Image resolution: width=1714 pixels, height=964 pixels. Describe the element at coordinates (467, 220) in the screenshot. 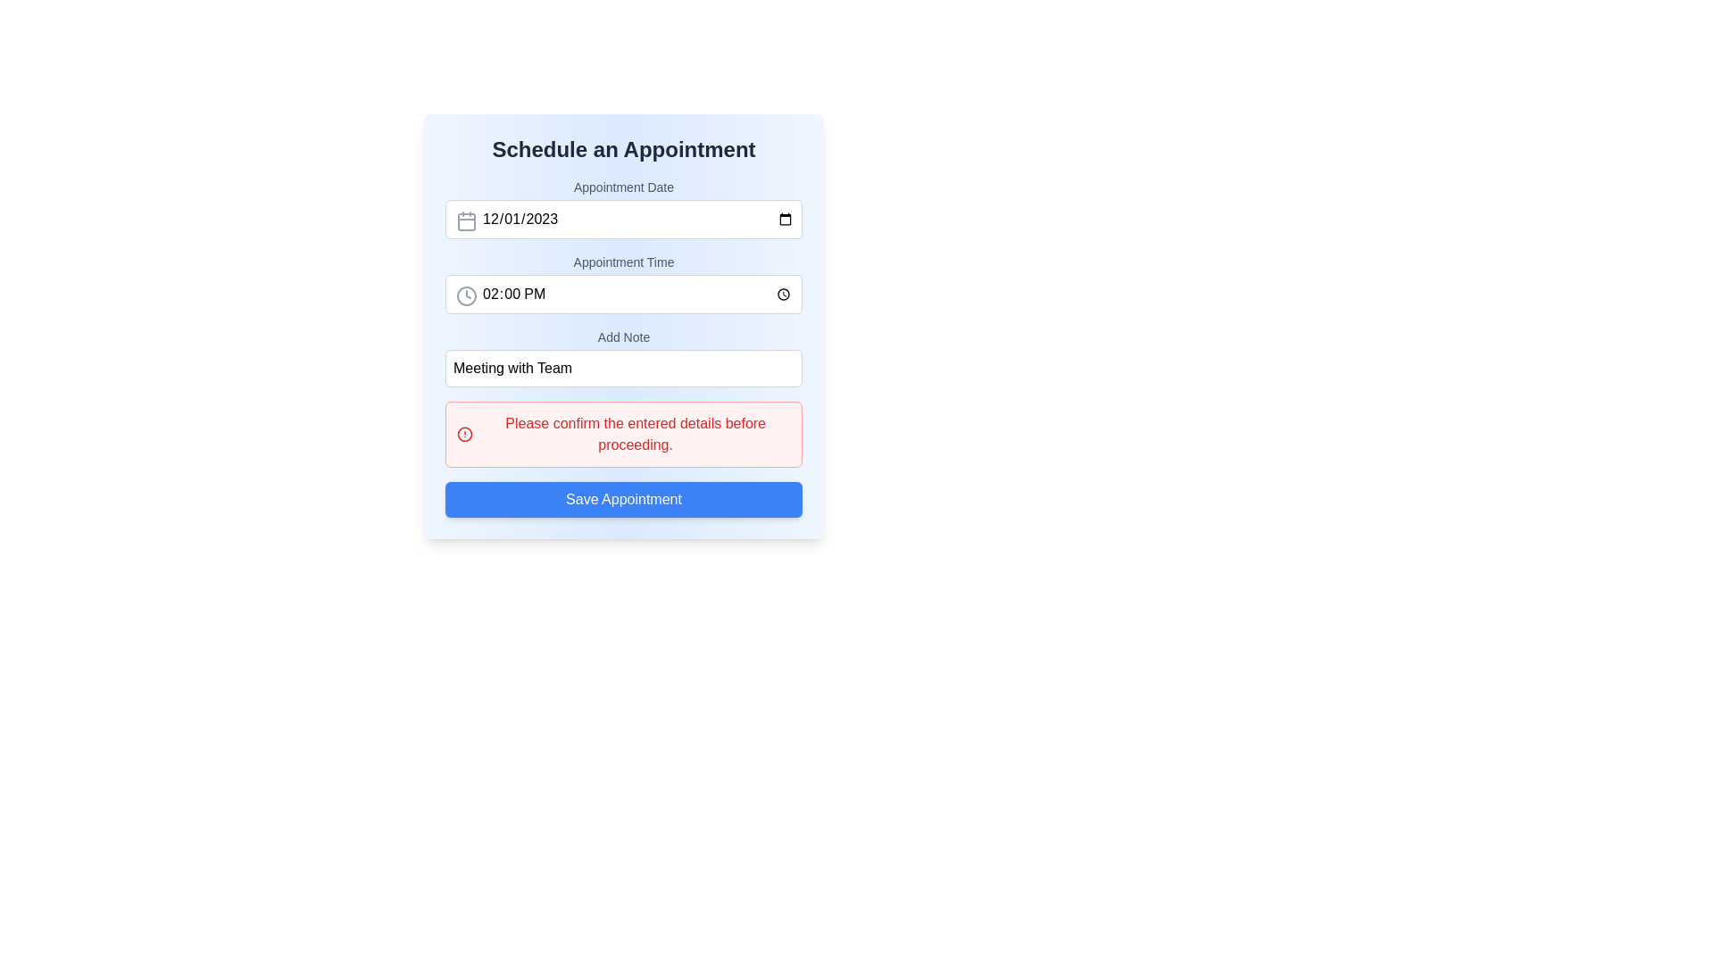

I see `the calendar icon located in the top-left corner of the 'Appointment Date' input field, which is styled with thin, rounded lines and gray color` at that location.